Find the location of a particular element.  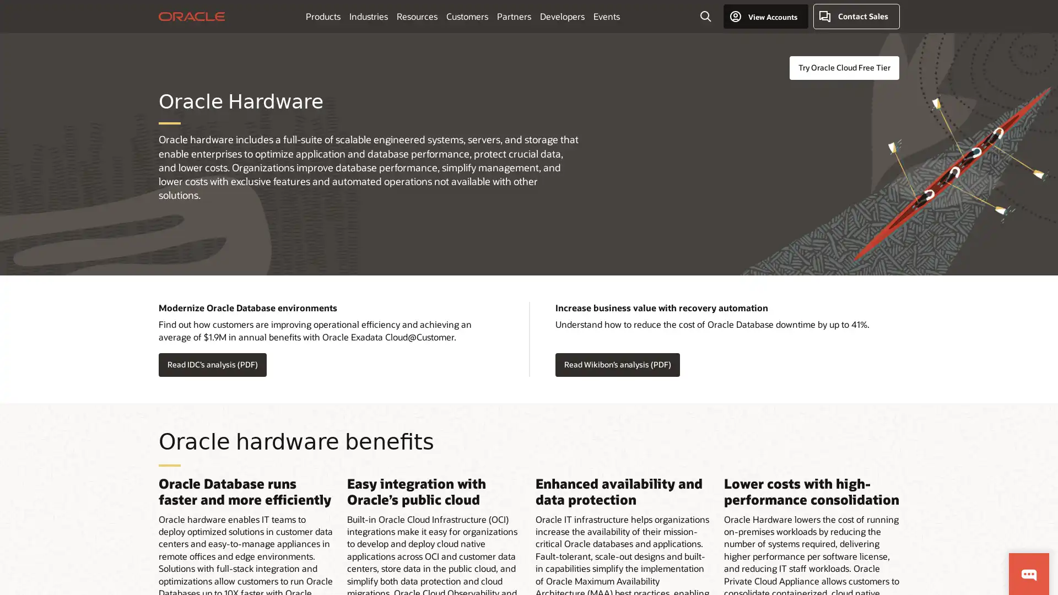

View Accounts is located at coordinates (765, 17).